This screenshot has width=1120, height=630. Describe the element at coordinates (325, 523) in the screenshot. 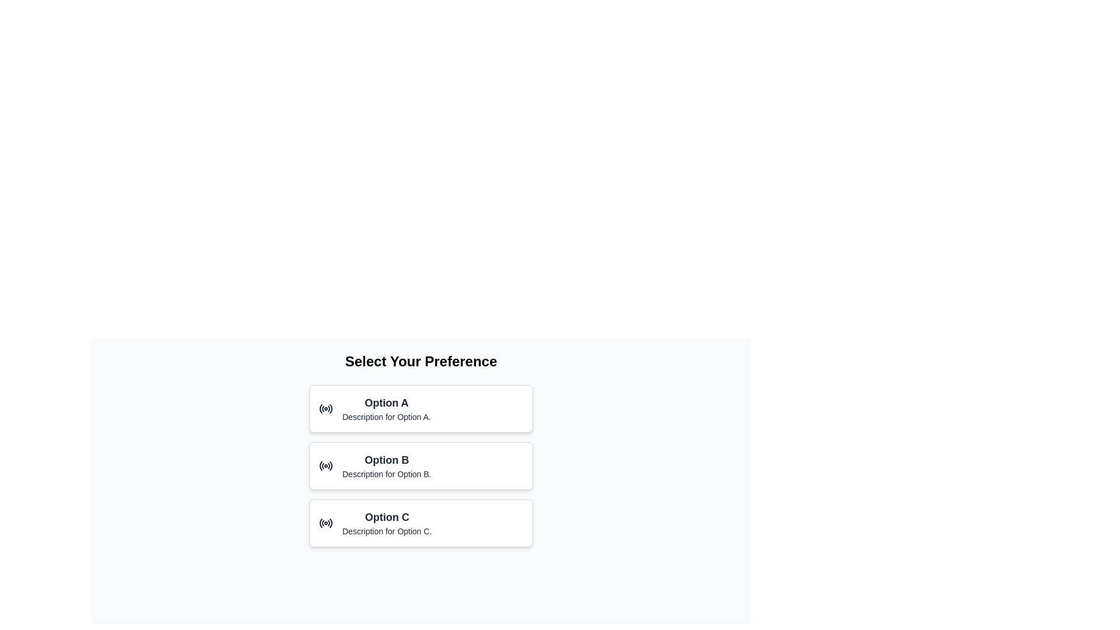

I see `the radio button icon representing 'Option C'` at that location.